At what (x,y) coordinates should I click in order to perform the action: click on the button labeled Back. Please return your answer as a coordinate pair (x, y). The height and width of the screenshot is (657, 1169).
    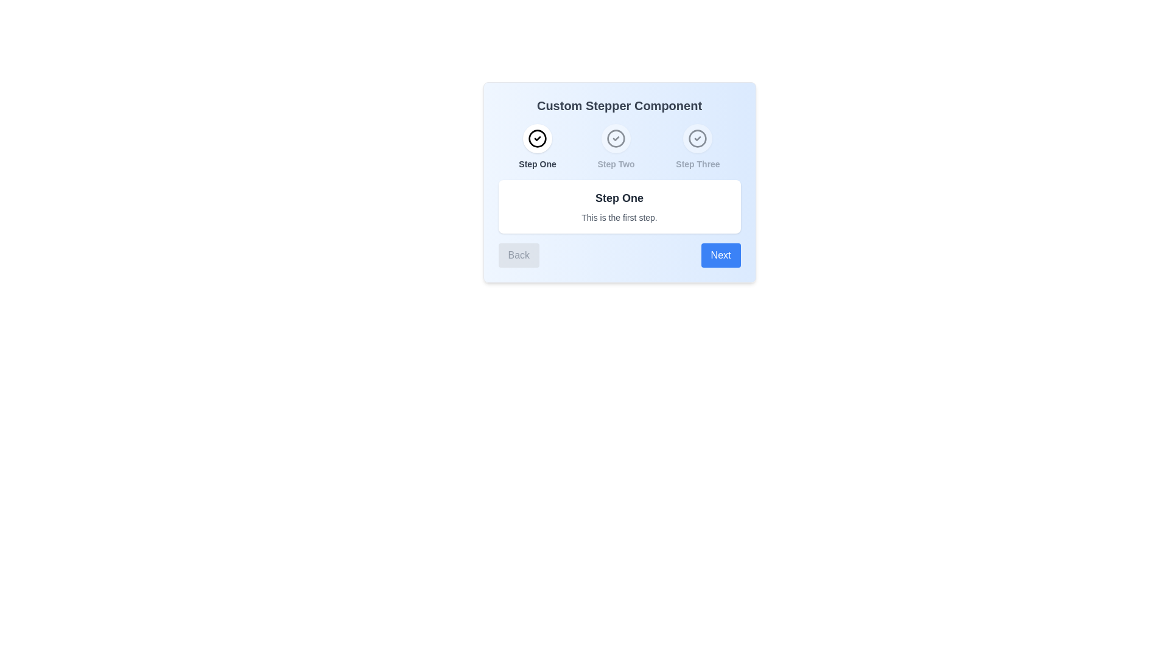
    Looking at the image, I should click on (519, 255).